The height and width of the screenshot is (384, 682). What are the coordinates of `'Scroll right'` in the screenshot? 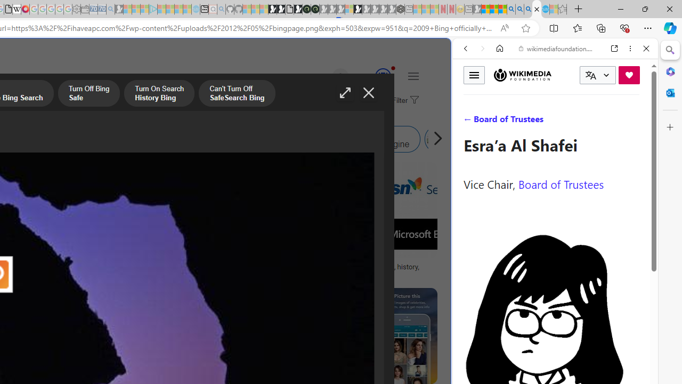 It's located at (435, 139).